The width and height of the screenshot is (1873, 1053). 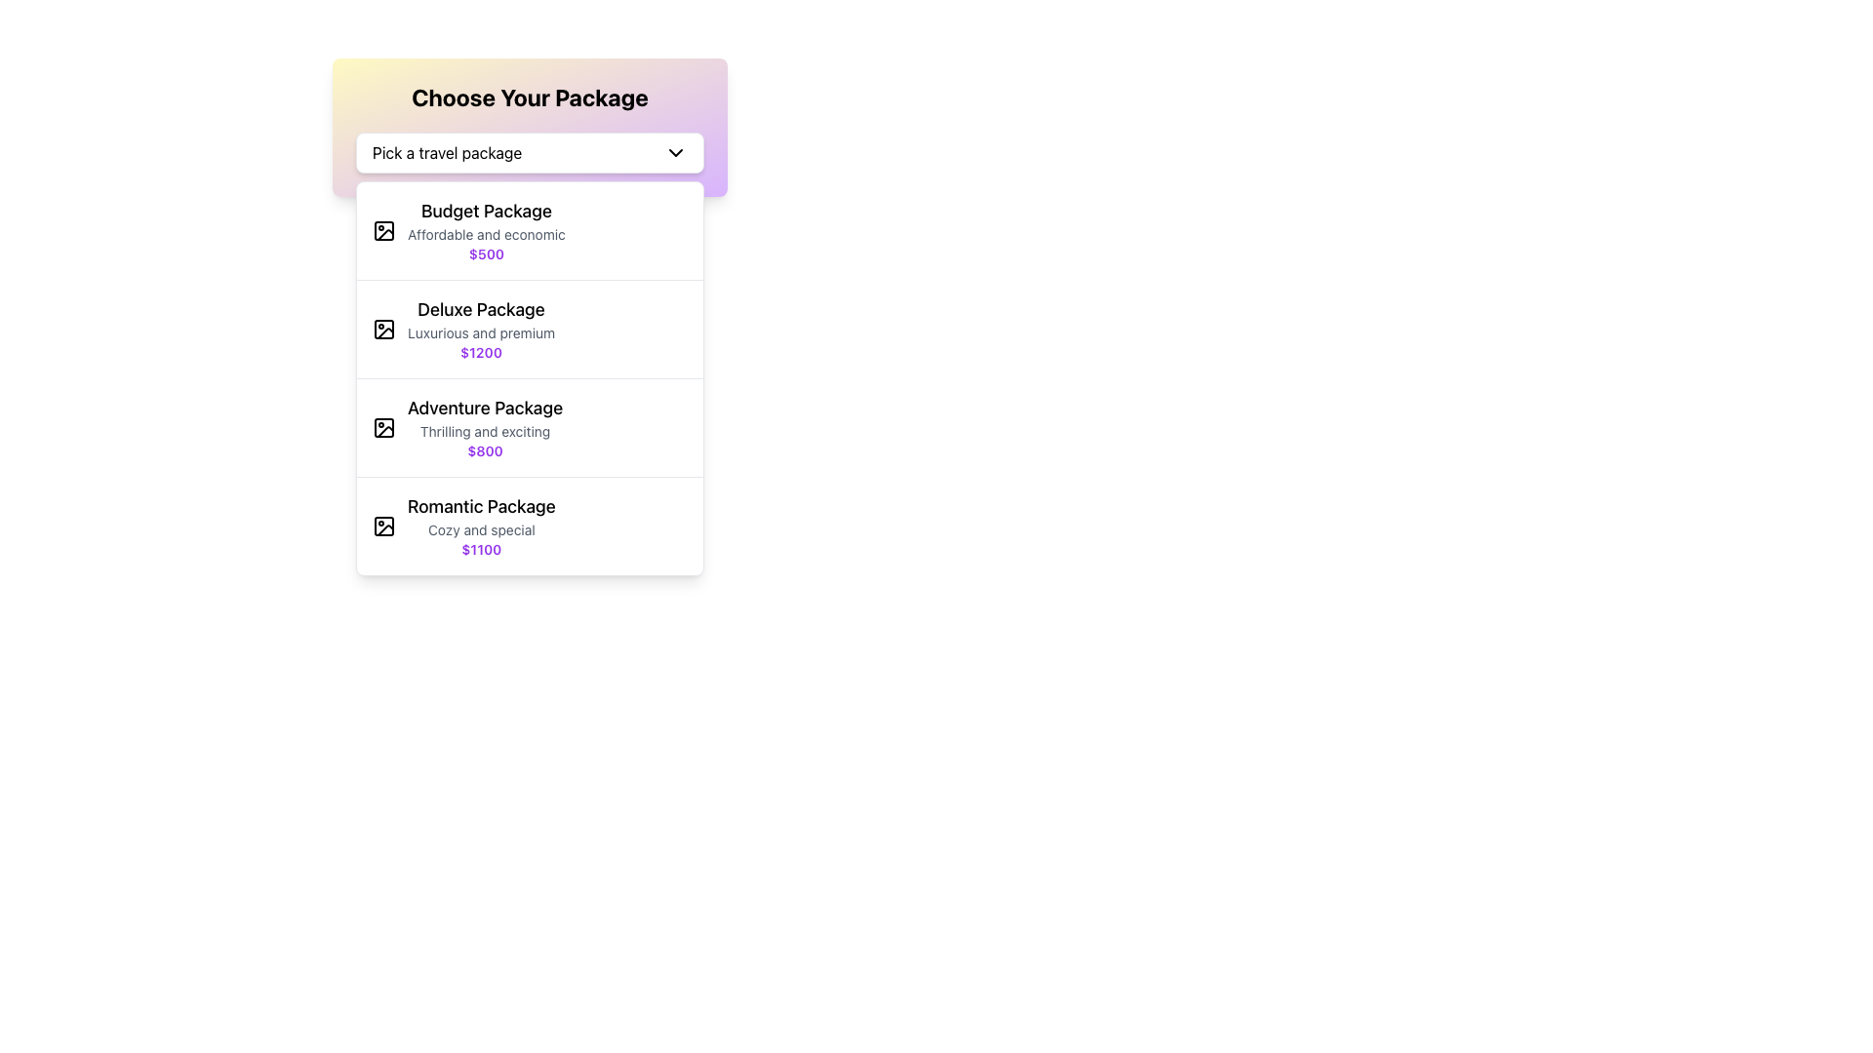 I want to click on text label indicating the current selection in the dropdown menu, which is horizontally centered in the menu header and located to the left of a down-chevron icon, so click(x=446, y=152).